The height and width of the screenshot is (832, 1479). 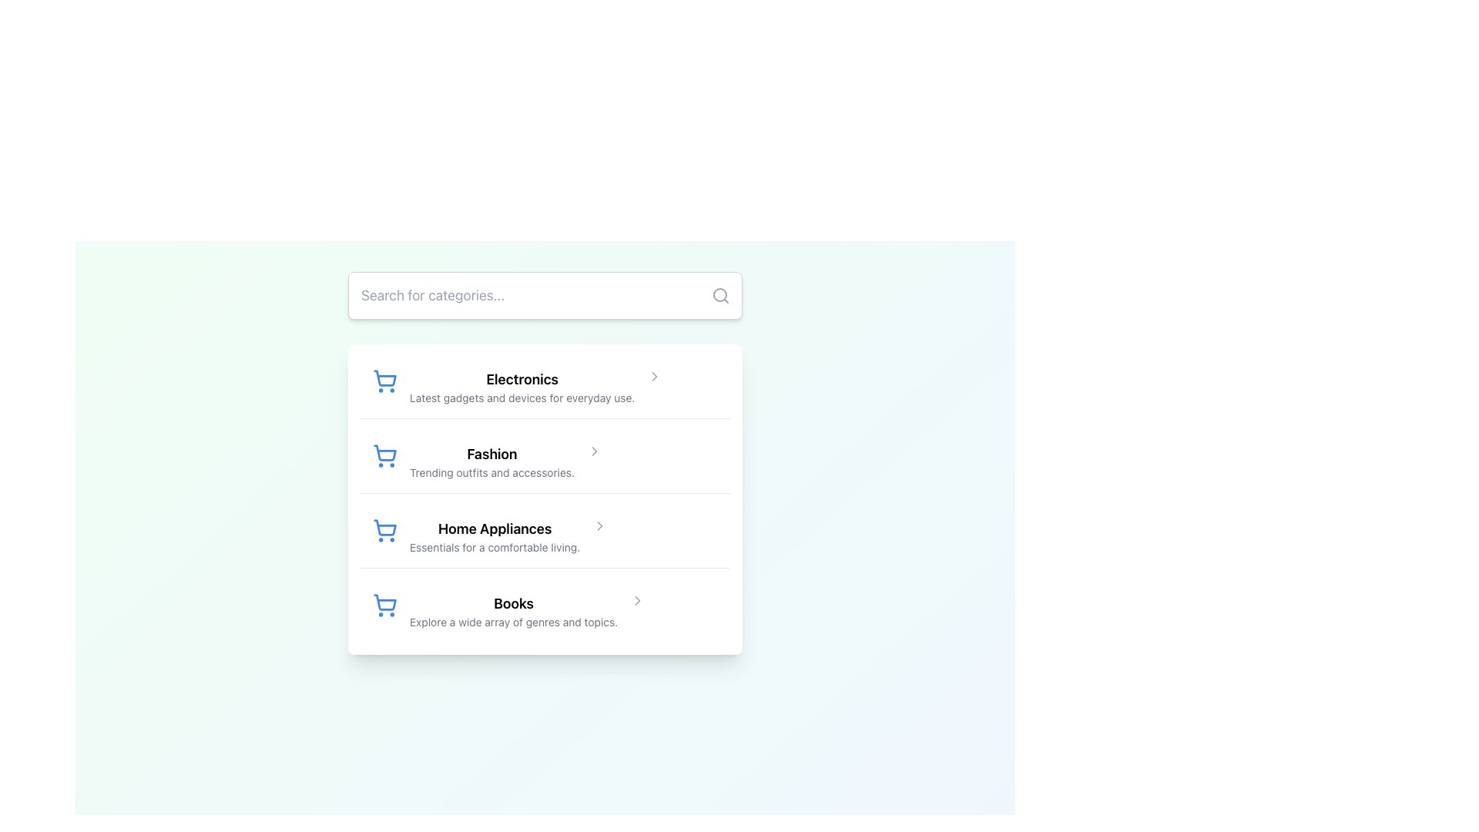 I want to click on the rightward-pointing chevron icon button located at the far right of the list item labeled 'Fashion Trending outfits and accessories', so click(x=594, y=451).